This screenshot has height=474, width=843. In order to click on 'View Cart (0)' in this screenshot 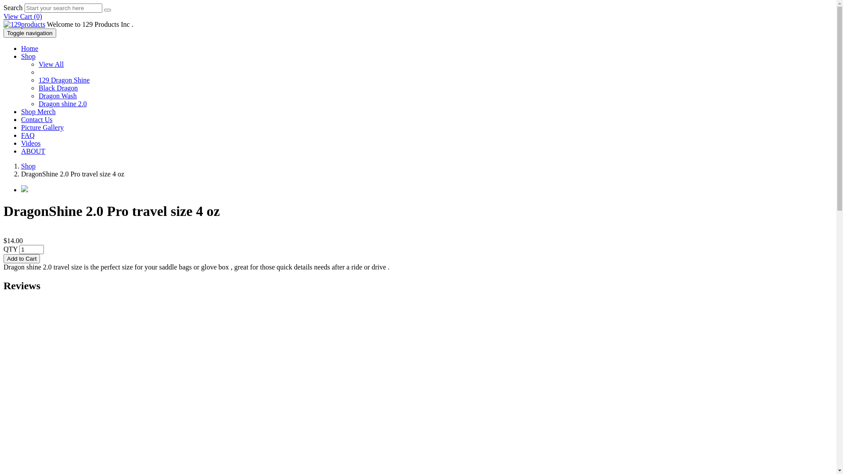, I will do `click(23, 16)`.